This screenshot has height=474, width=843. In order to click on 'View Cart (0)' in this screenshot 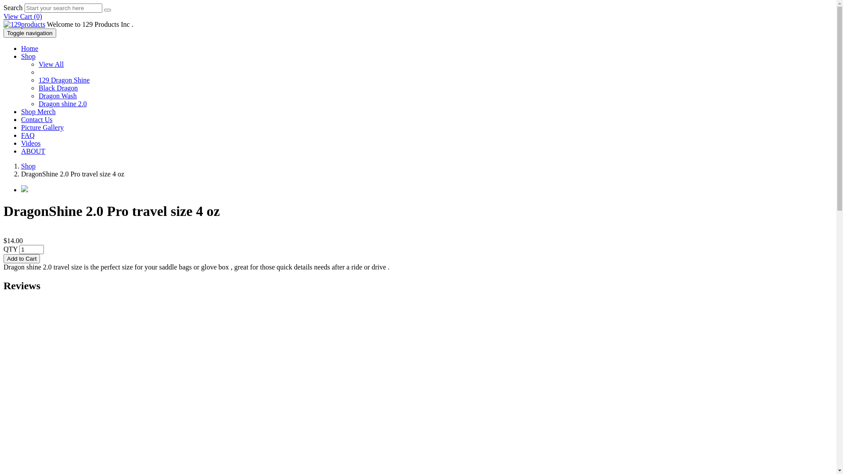, I will do `click(23, 16)`.